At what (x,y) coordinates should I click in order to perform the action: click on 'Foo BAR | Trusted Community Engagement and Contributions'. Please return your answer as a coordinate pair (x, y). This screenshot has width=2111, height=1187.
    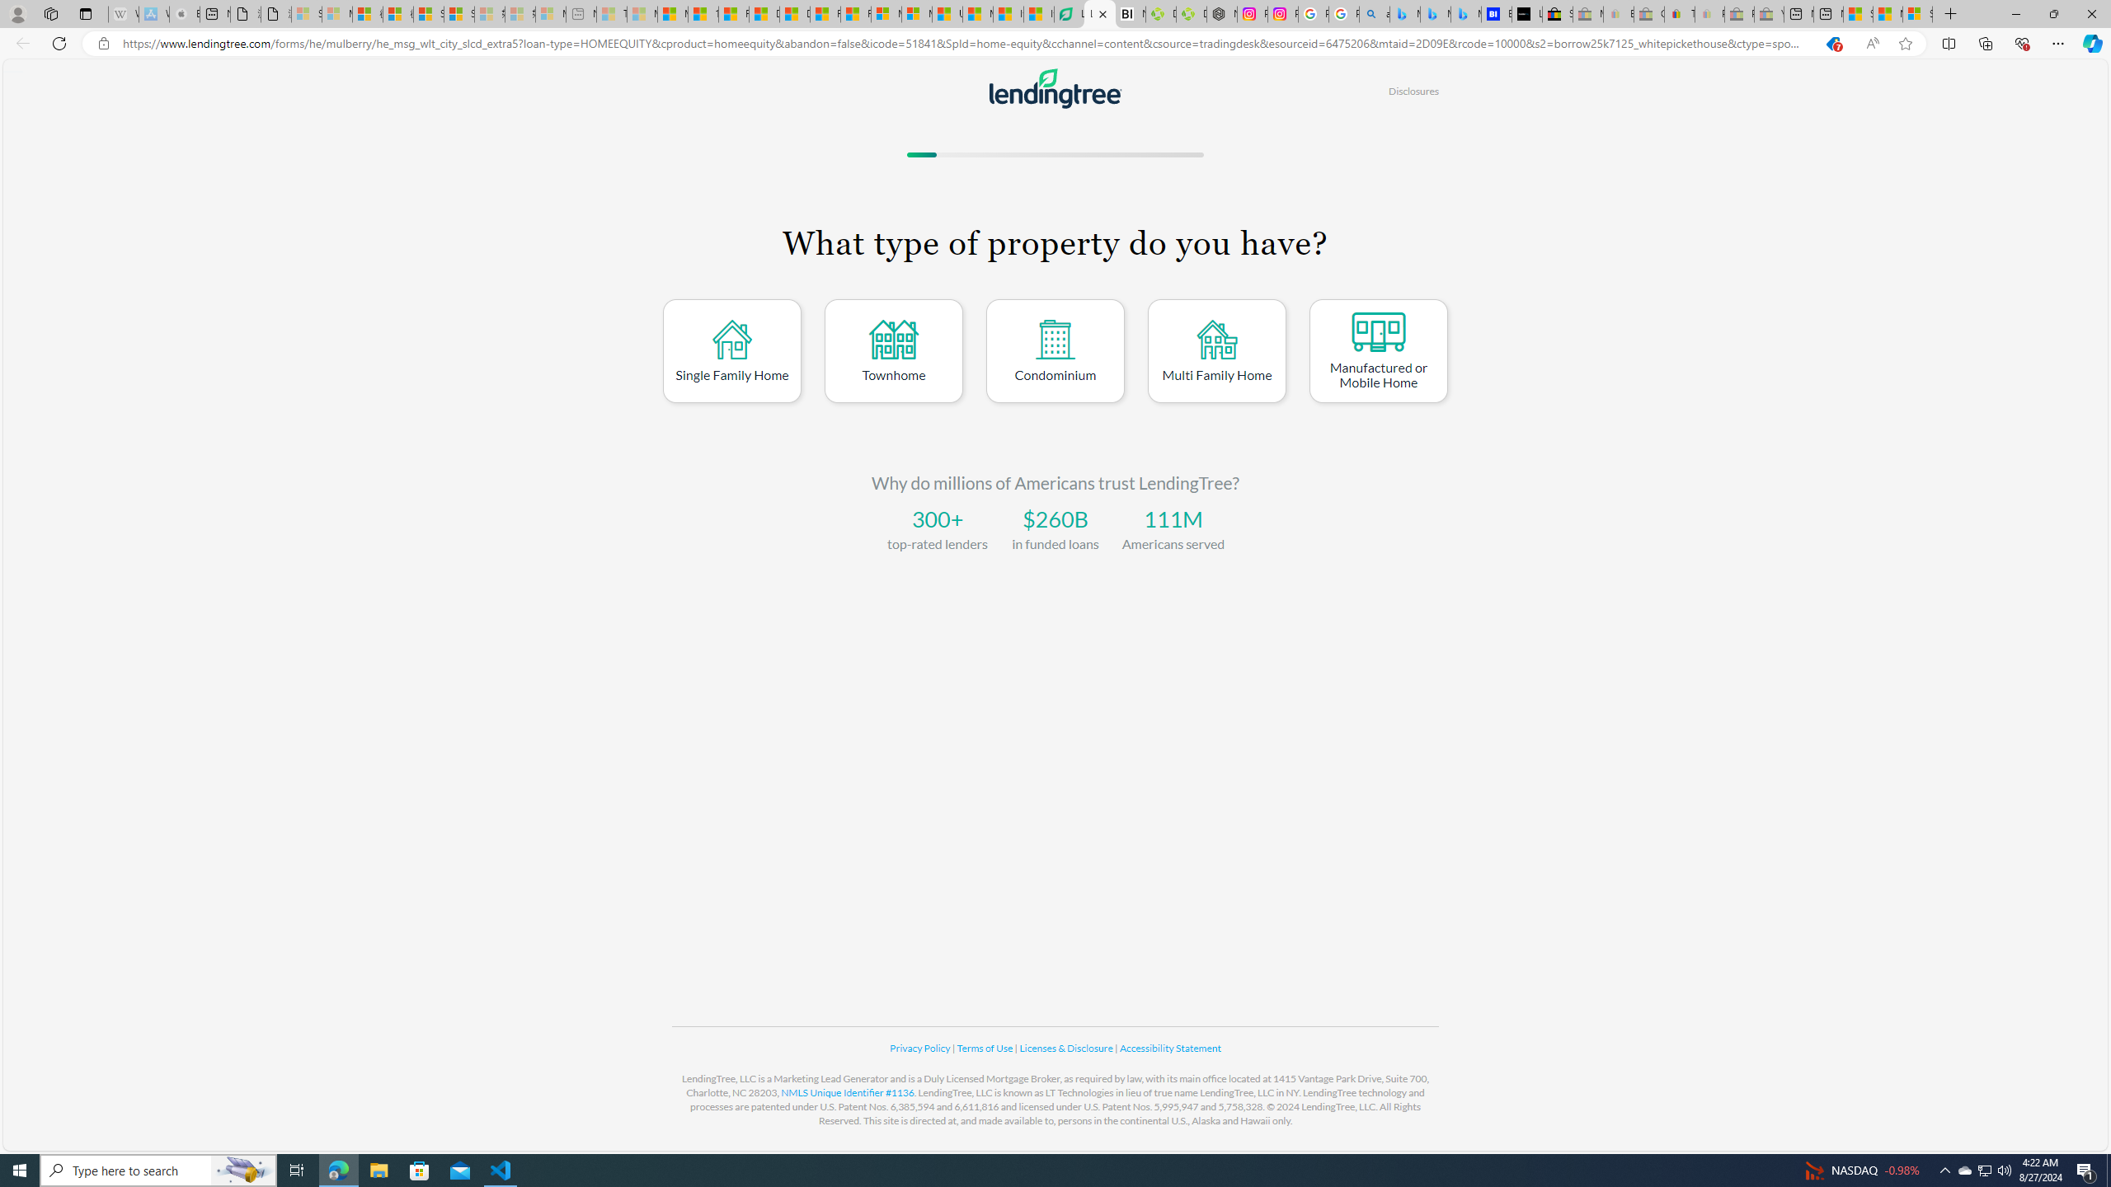
    Looking at the image, I should click on (856, 13).